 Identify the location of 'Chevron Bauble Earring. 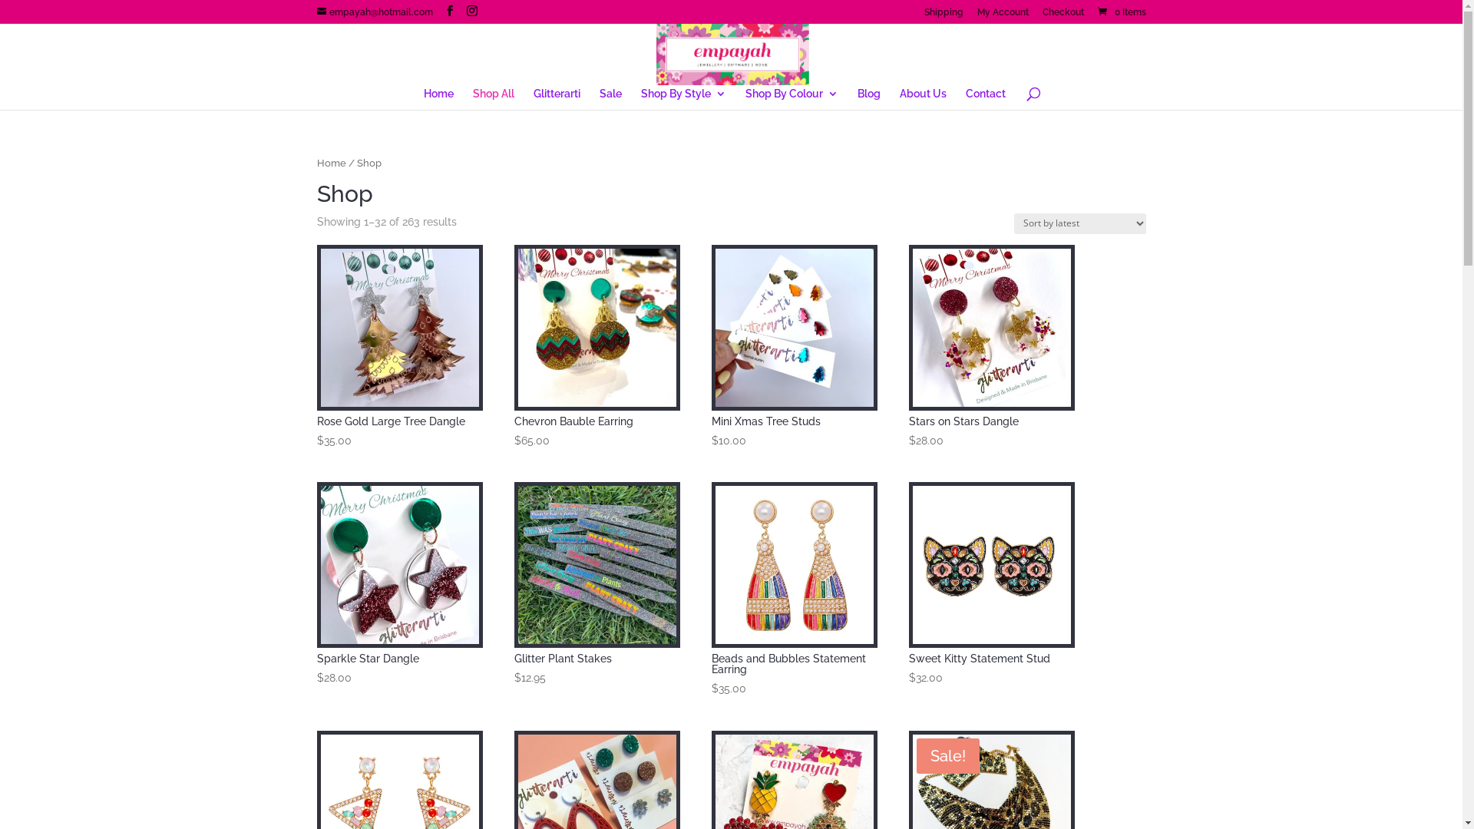
(596, 347).